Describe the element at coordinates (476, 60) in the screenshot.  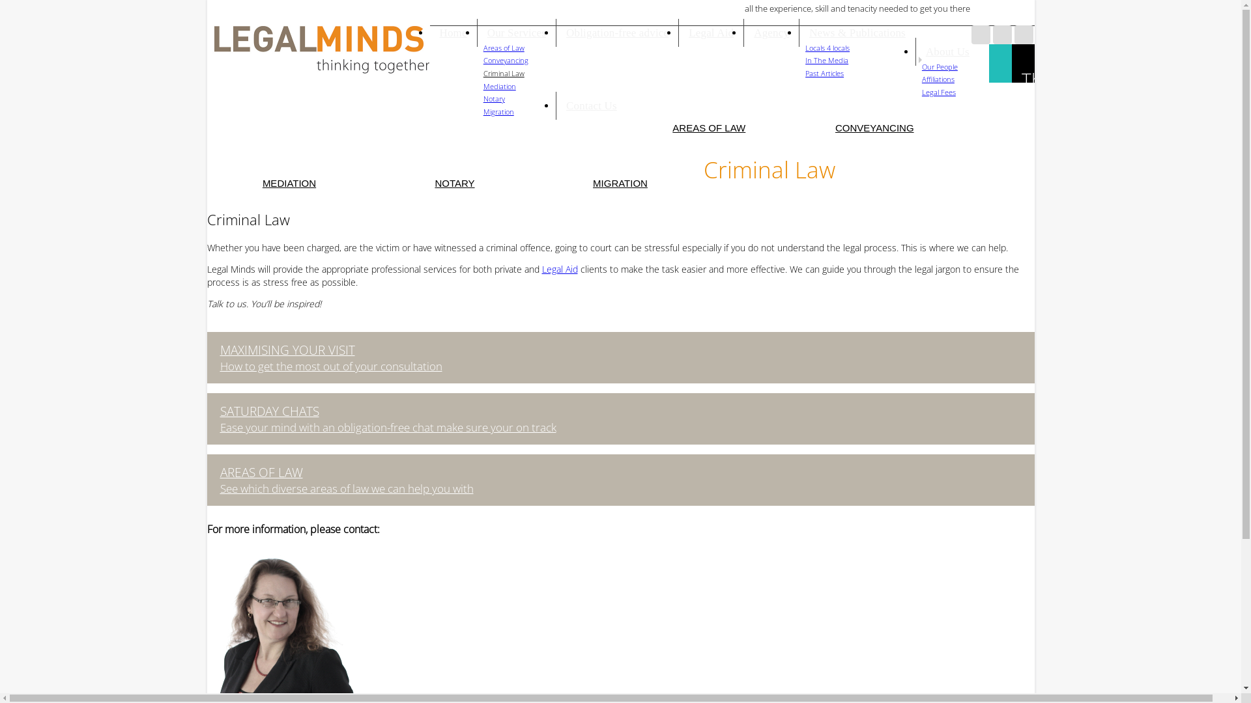
I see `'Conveyancing'` at that location.